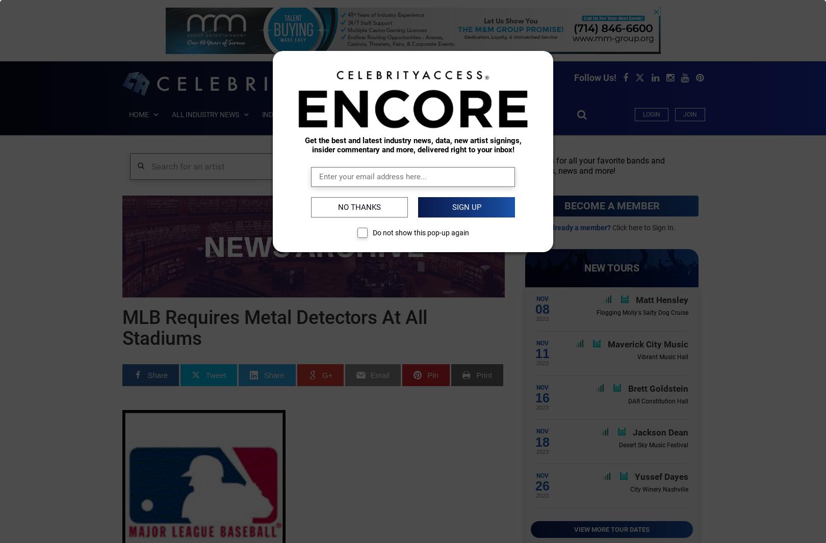  What do you see at coordinates (193, 159) in the screenshot?
I see `'CA News Archive'` at bounding box center [193, 159].